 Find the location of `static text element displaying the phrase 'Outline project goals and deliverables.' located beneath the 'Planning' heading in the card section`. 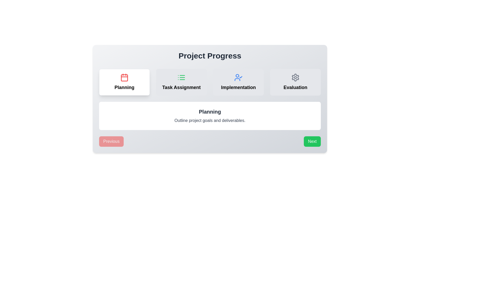

static text element displaying the phrase 'Outline project goals and deliverables.' located beneath the 'Planning' heading in the card section is located at coordinates (210, 121).